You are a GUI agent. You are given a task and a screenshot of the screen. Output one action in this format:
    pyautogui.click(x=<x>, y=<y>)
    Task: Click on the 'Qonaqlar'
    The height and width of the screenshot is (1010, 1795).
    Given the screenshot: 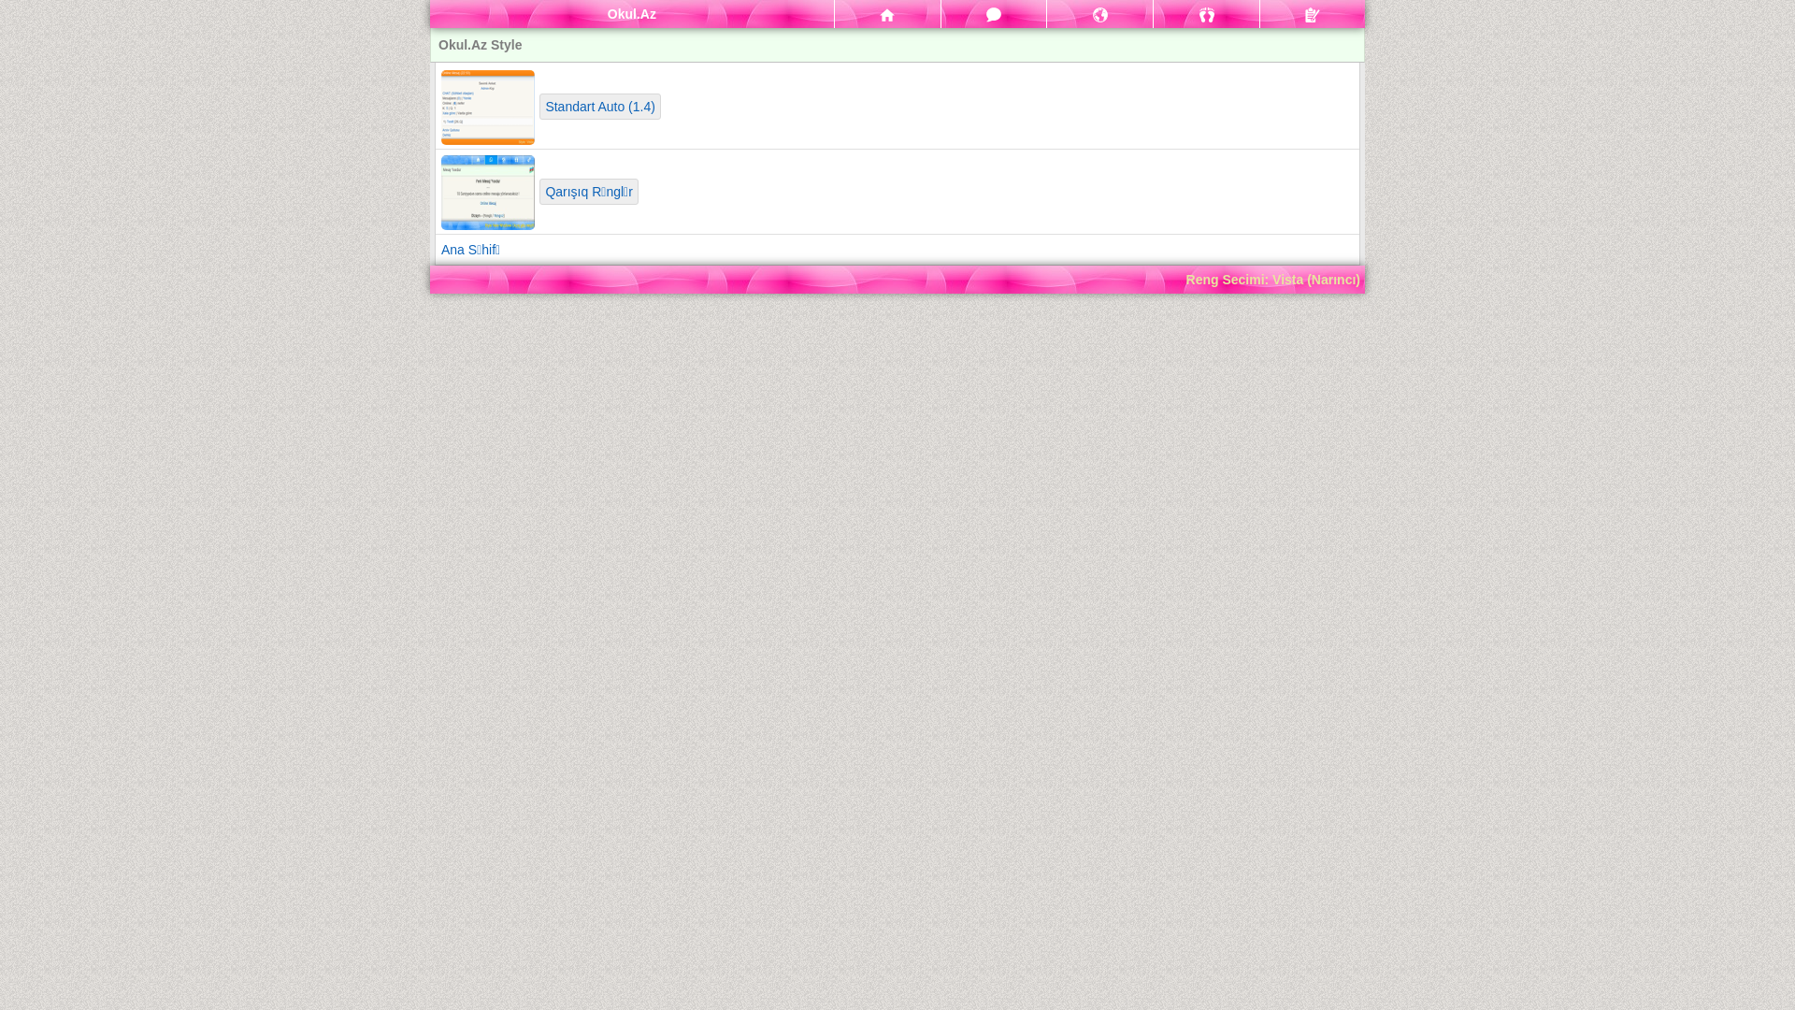 What is the action you would take?
    pyautogui.click(x=1152, y=14)
    